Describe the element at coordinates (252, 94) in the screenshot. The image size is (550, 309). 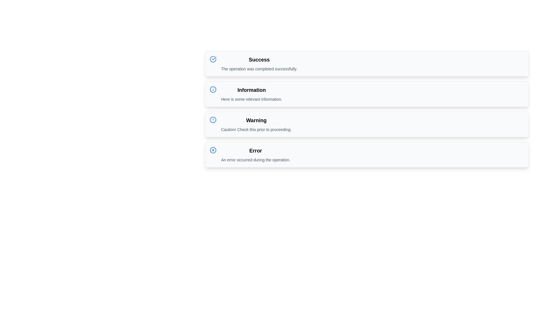
I see `text from the Notification Box labeled 'Information' with the sub-text 'Here is some relevant information.'` at that location.